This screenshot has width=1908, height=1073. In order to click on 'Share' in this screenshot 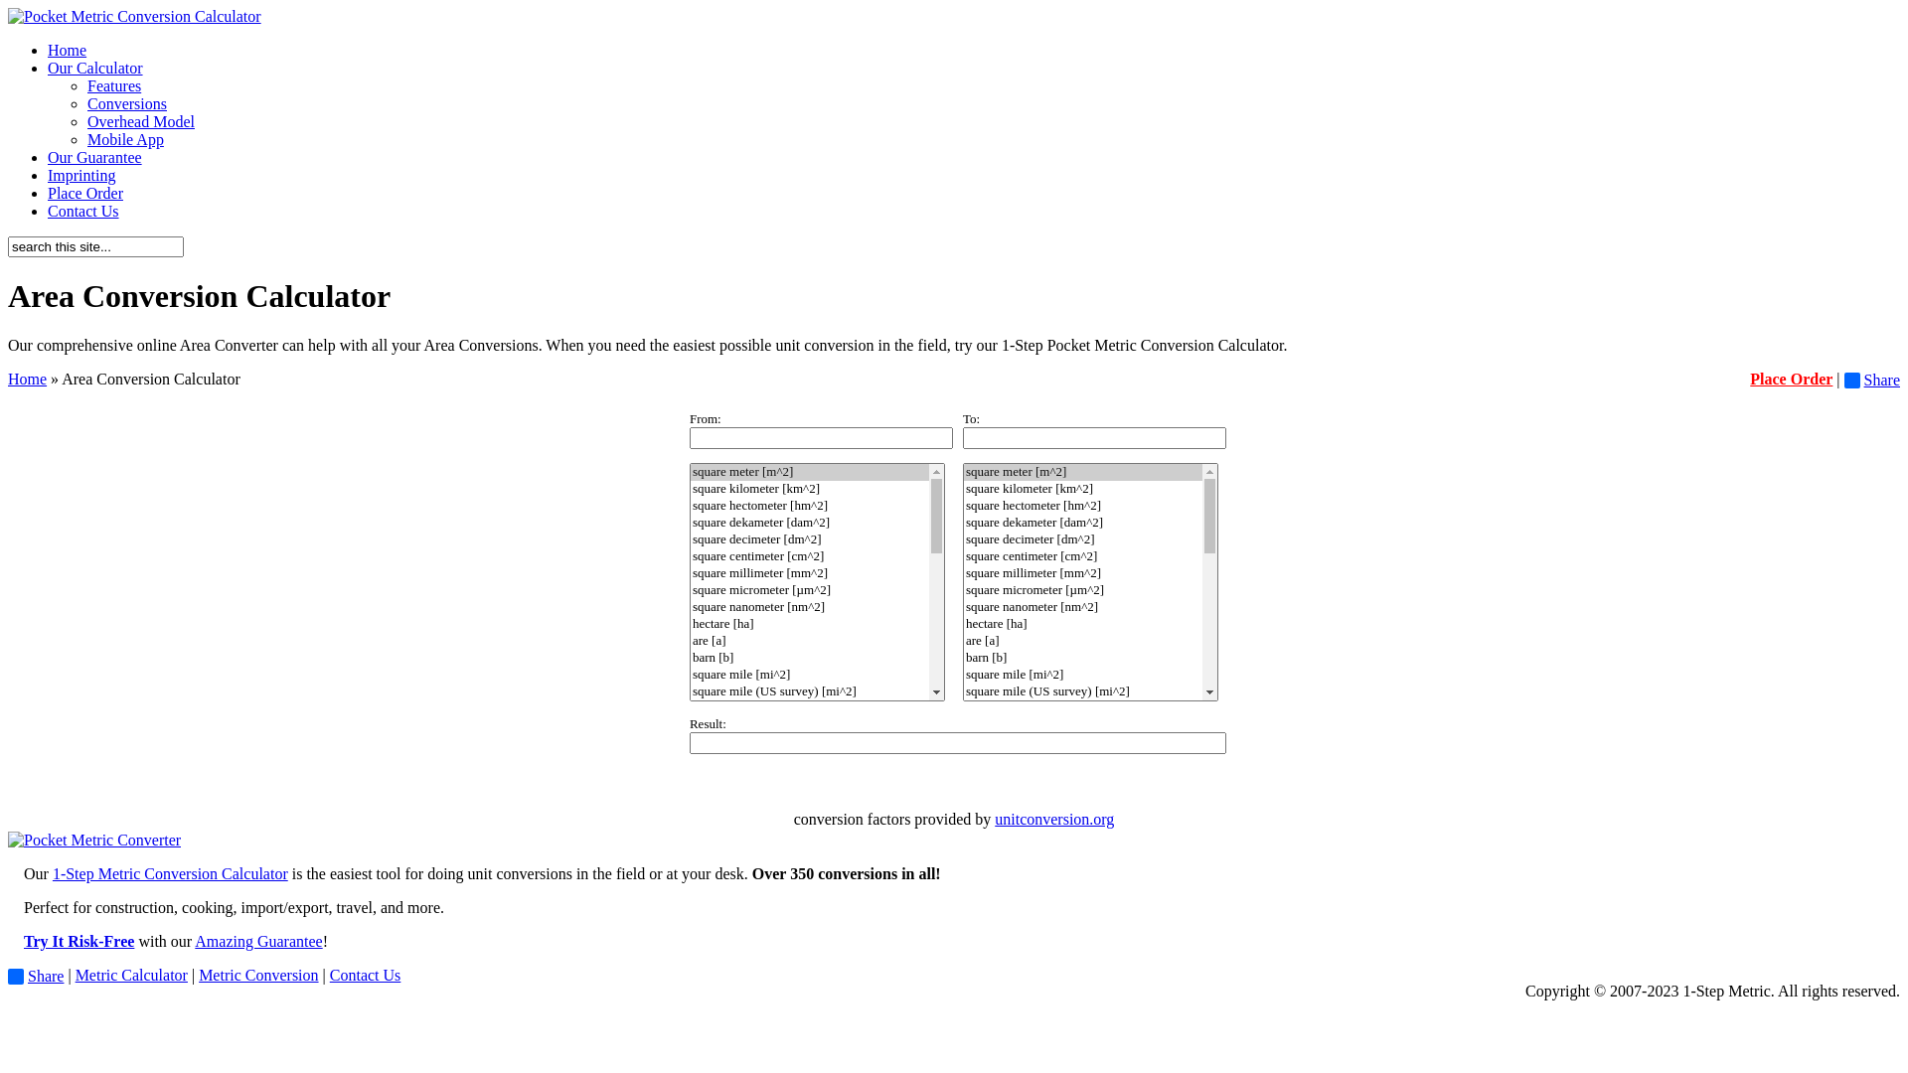, I will do `click(1870, 380)`.